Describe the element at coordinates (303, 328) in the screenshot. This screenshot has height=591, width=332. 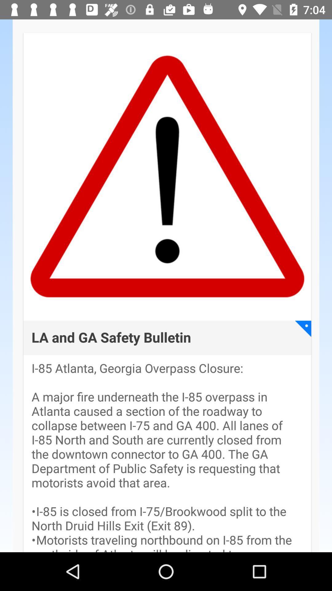
I see `app above i 85 atlanta icon` at that location.